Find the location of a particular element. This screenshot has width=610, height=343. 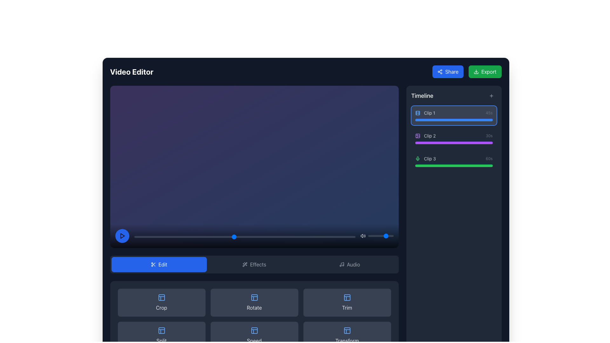

the 'Clip 2' timeline entry item is located at coordinates (453, 136).